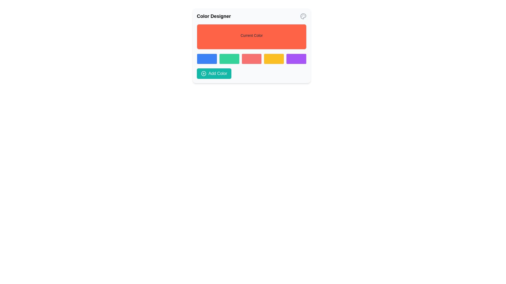 Image resolution: width=506 pixels, height=284 pixels. Describe the element at coordinates (203, 74) in the screenshot. I see `the circular icon with a plus sign, located to the left of the 'Add Color' label inside the green button in the 'Color Designer' section` at that location.